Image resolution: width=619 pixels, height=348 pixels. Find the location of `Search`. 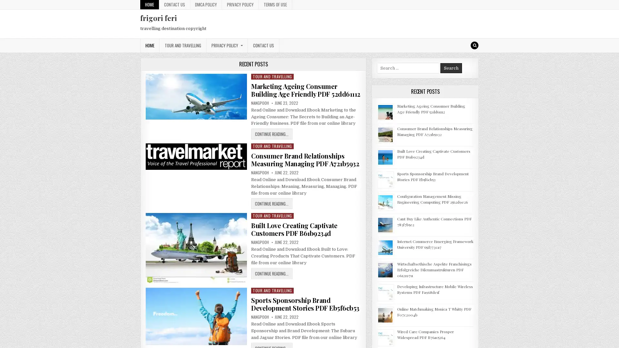

Search is located at coordinates (451, 68).